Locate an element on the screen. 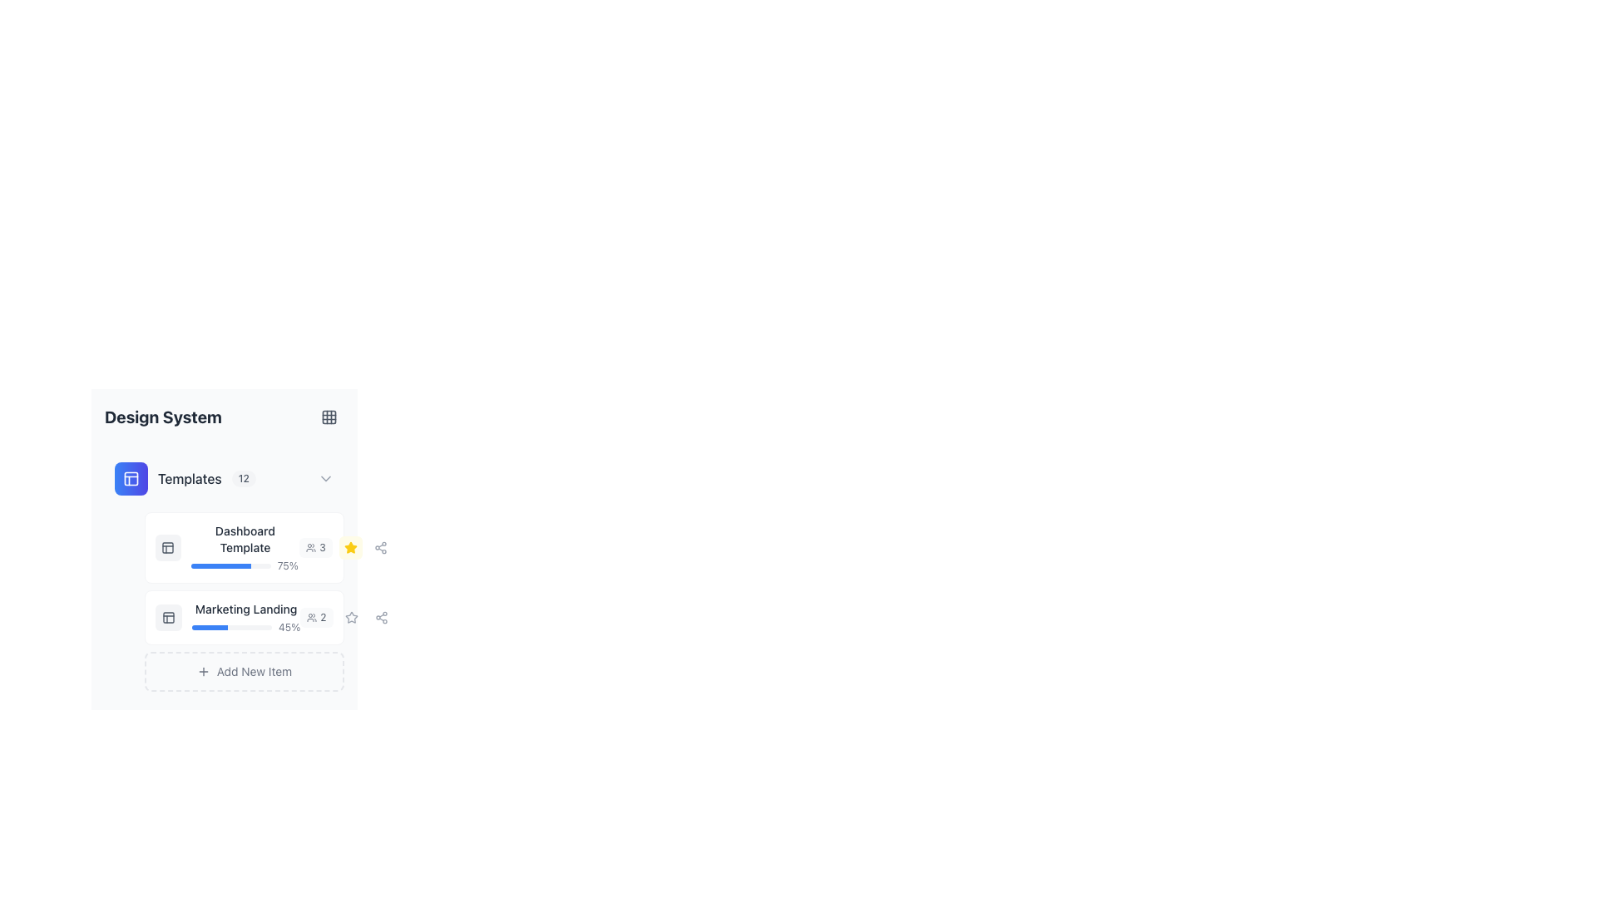 The height and width of the screenshot is (898, 1597). the yellow star icon, which is the second icon in a horizontal row of three, located to the right of the 'Dashboard Template' label in the 'Design System' section is located at coordinates (345, 548).